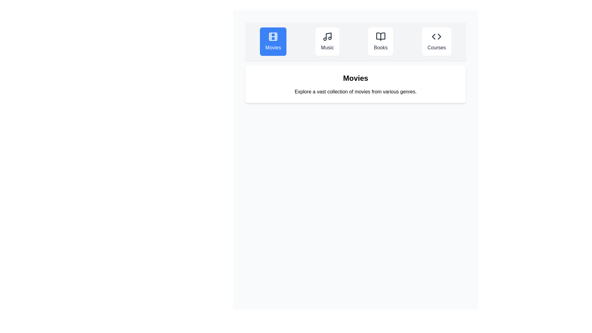 The width and height of the screenshot is (592, 333). What do you see at coordinates (327, 42) in the screenshot?
I see `the Music tab to activate it` at bounding box center [327, 42].